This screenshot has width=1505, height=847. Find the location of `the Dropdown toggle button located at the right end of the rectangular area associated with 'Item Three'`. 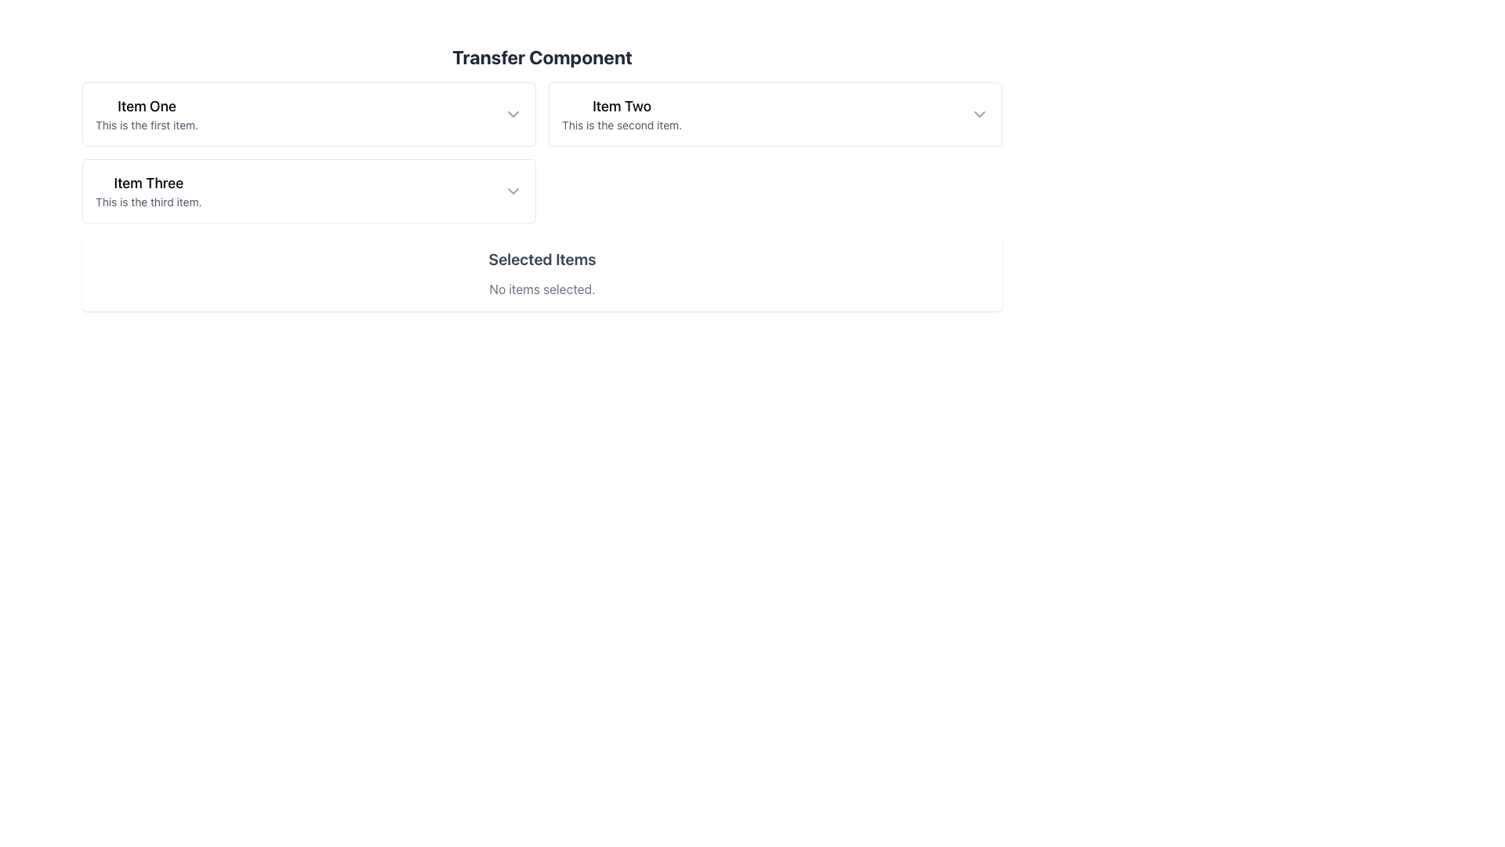

the Dropdown toggle button located at the right end of the rectangular area associated with 'Item Three' is located at coordinates (513, 190).